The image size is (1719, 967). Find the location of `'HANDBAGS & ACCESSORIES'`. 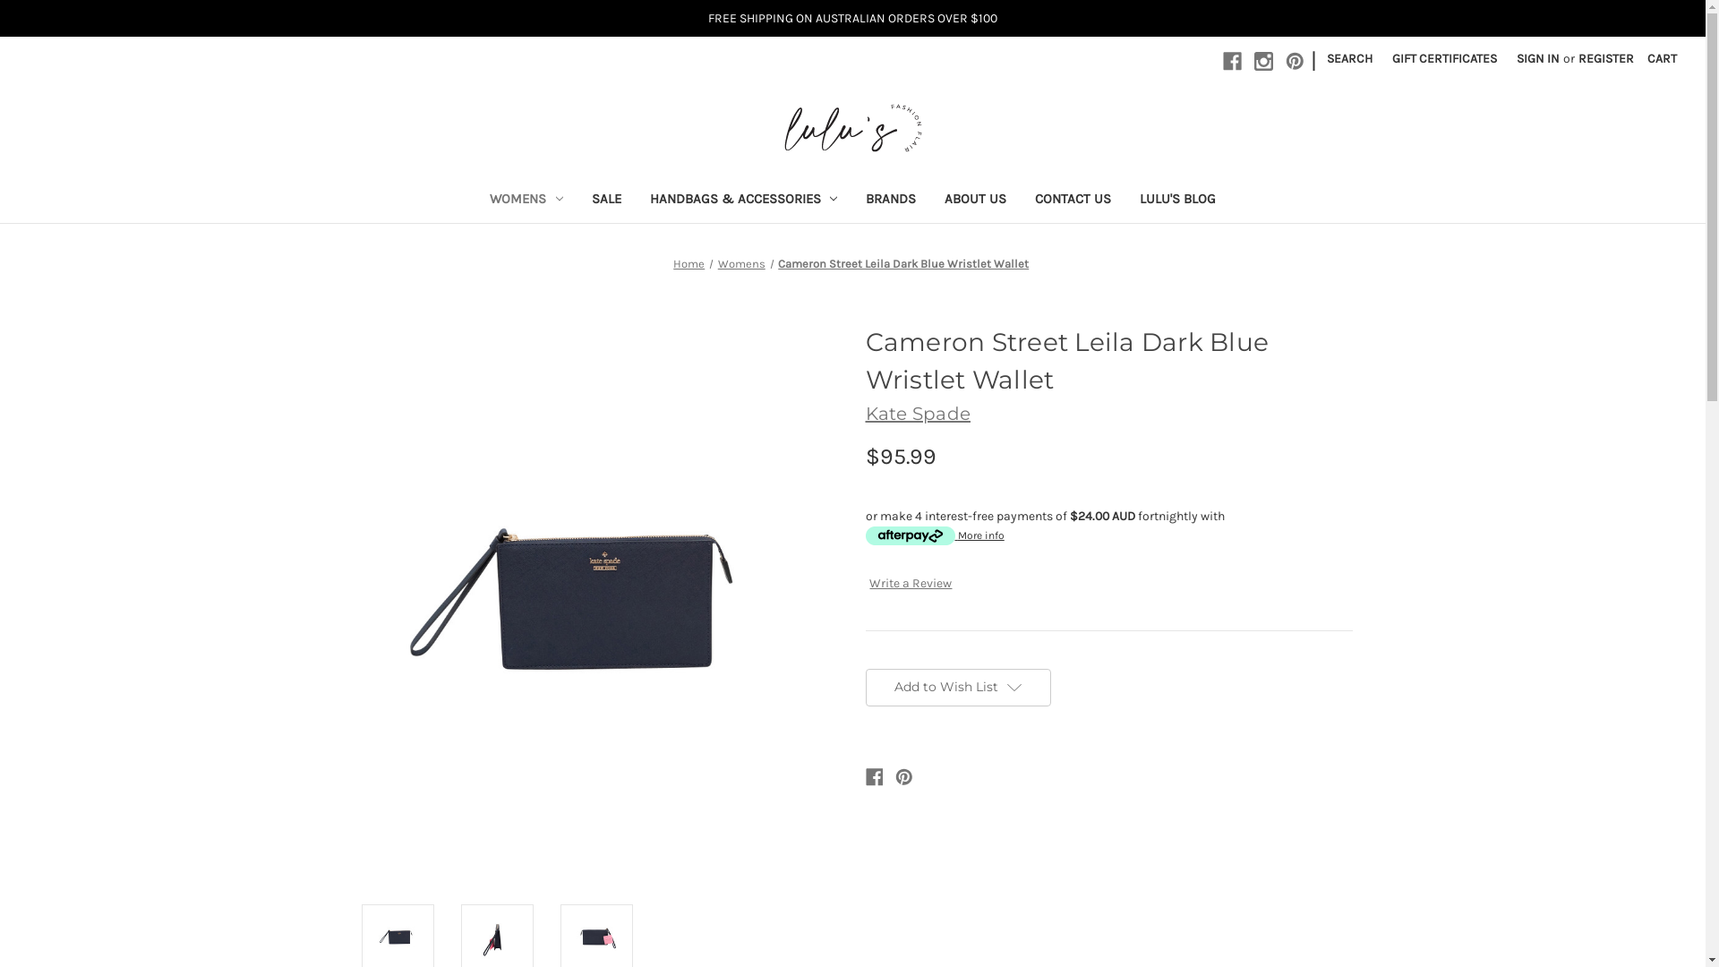

'HANDBAGS & ACCESSORIES' is located at coordinates (743, 201).